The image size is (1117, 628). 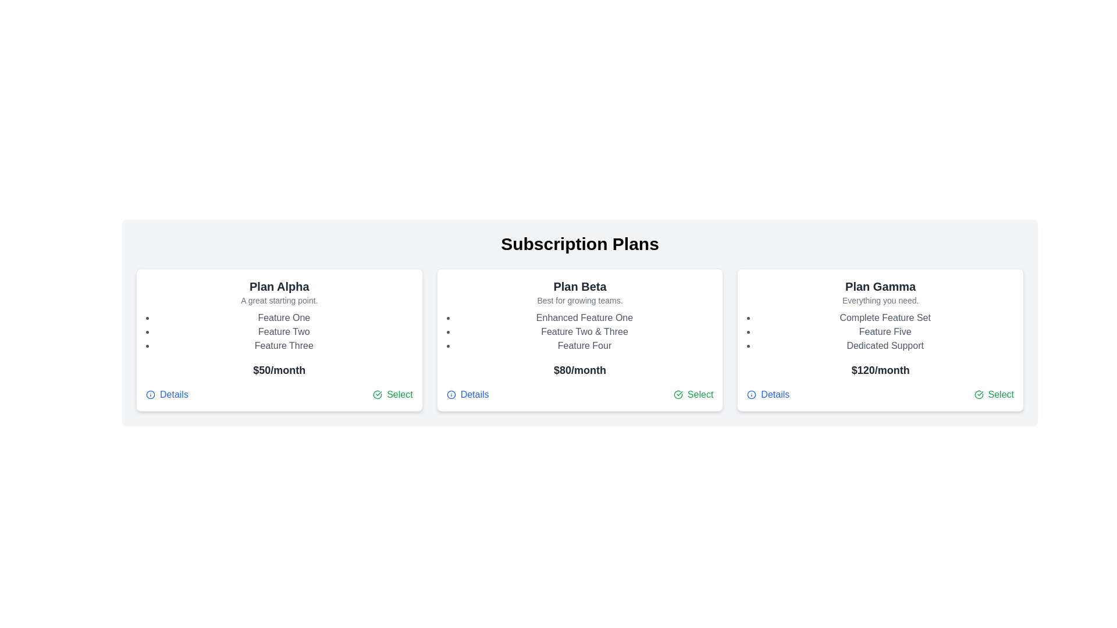 I want to click on information presented in the 'Plan Gamma' subscription Information Card, which is located in the third column of a three-column layout, so click(x=880, y=340).